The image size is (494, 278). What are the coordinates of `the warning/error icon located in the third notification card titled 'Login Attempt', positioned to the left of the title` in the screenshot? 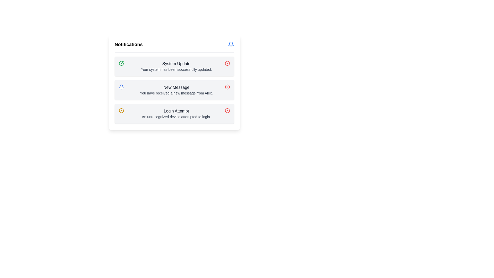 It's located at (121, 110).